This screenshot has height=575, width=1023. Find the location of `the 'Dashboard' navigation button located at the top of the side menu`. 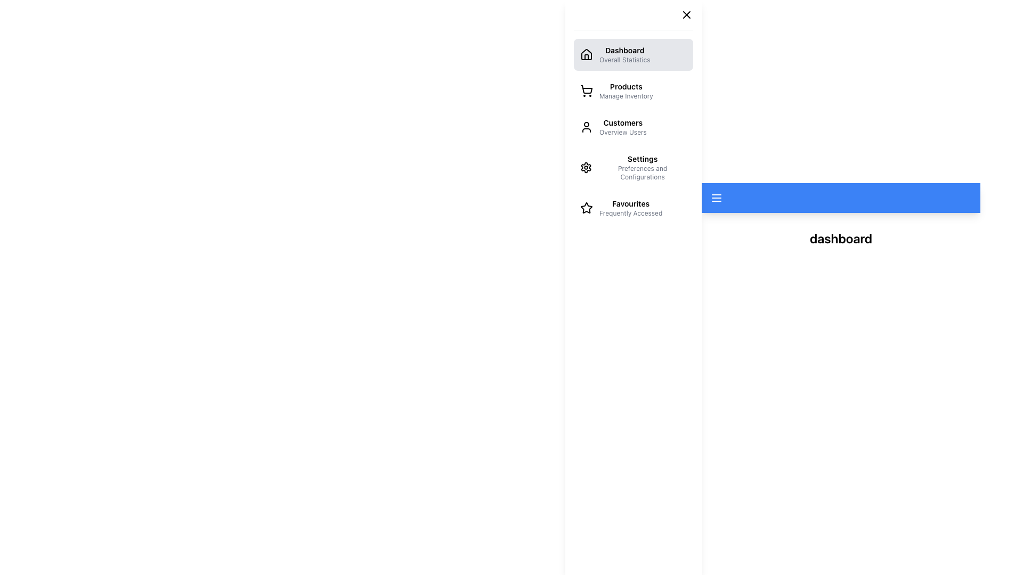

the 'Dashboard' navigation button located at the top of the side menu is located at coordinates (634, 55).